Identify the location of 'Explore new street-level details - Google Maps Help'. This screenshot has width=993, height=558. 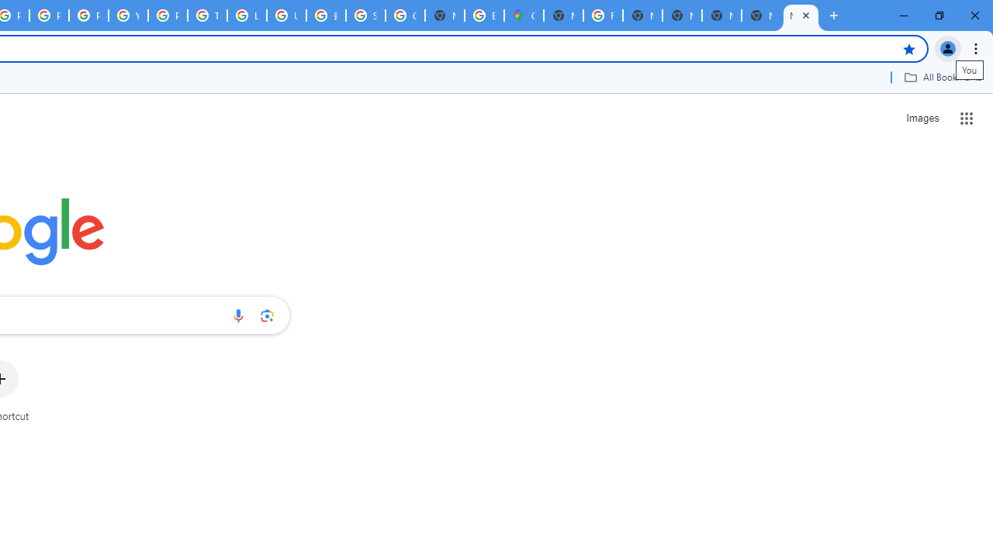
(483, 15).